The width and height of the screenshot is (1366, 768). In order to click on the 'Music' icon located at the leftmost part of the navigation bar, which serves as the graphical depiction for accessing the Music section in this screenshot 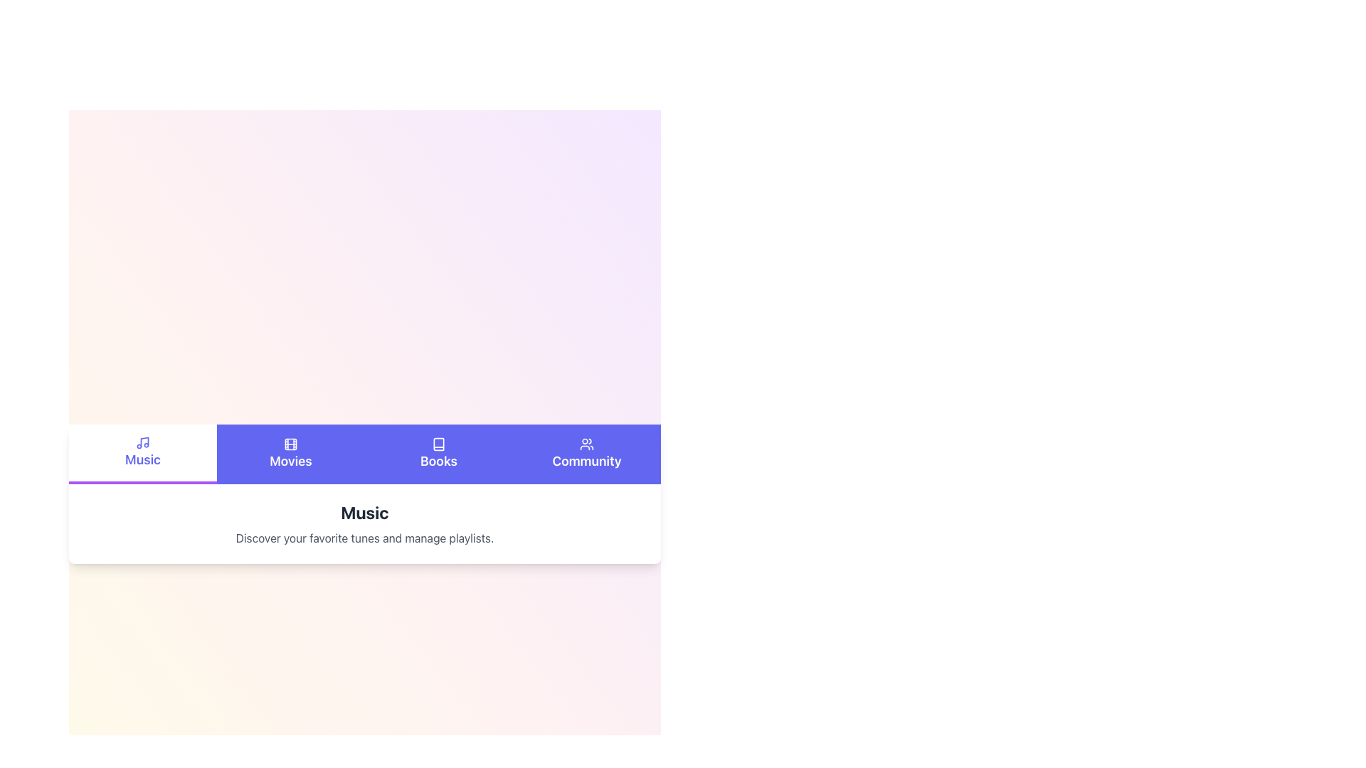, I will do `click(144, 441)`.